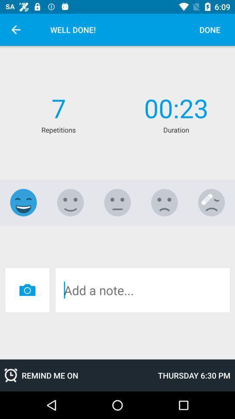 This screenshot has height=419, width=235. I want to click on the thursday 6 30 at the bottom right corner, so click(194, 375).